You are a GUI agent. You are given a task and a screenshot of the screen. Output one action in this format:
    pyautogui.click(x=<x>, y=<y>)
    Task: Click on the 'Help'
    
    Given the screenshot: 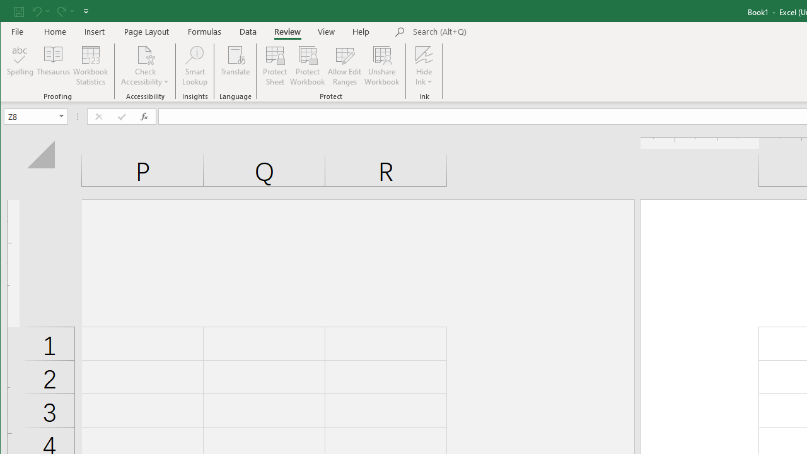 What is the action you would take?
    pyautogui.click(x=361, y=31)
    